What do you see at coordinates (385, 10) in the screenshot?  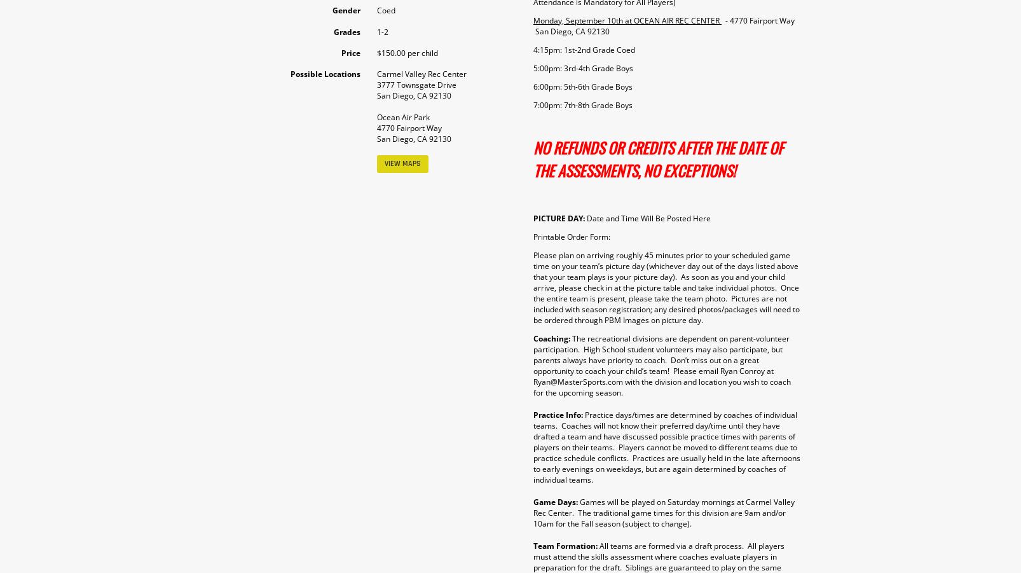 I see `'Coed'` at bounding box center [385, 10].